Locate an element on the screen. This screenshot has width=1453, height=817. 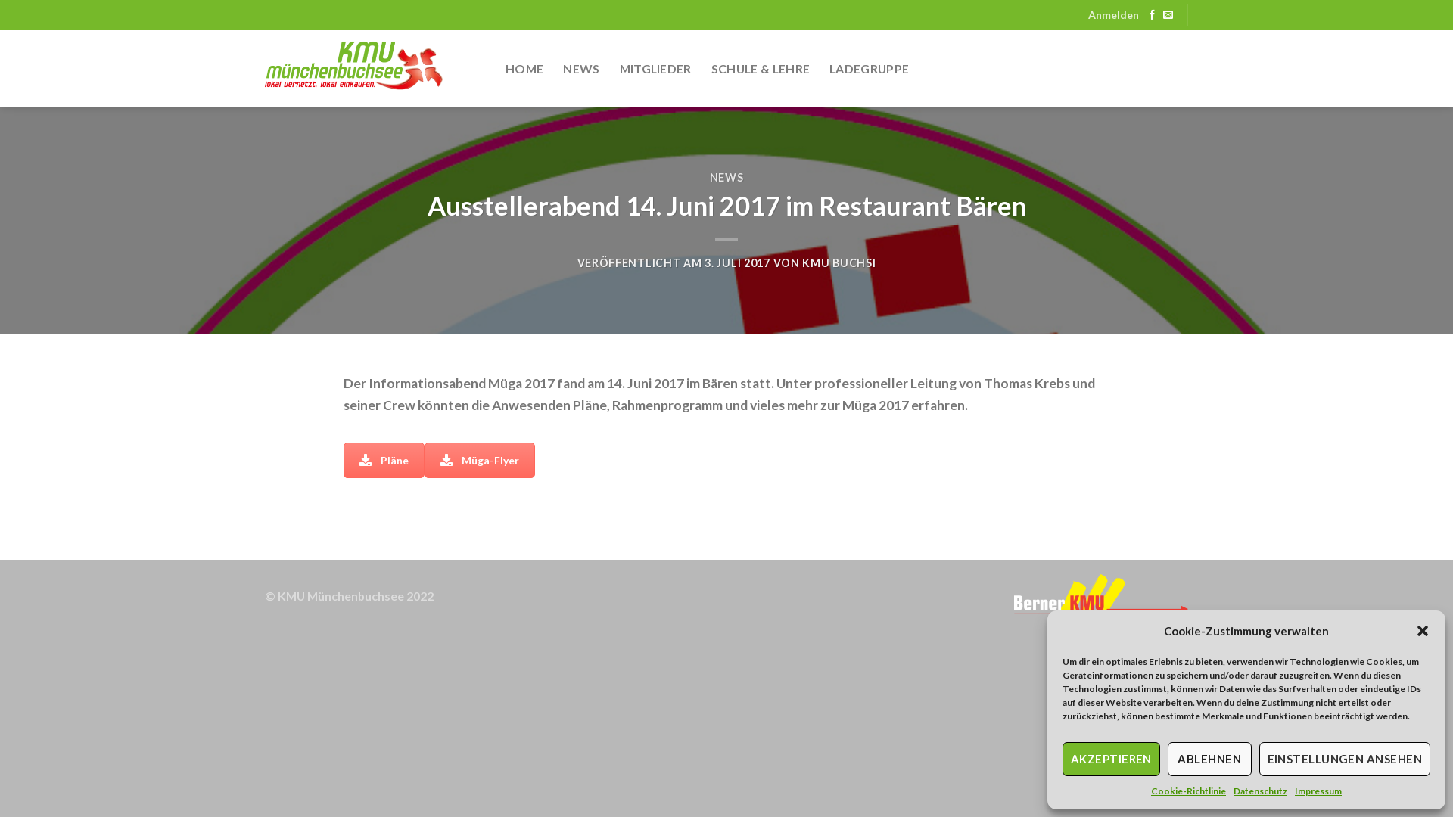
'ABLEHNEN' is located at coordinates (1209, 759).